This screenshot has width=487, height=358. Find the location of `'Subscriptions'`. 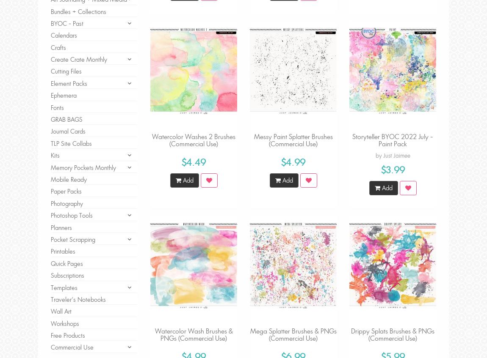

'Subscriptions' is located at coordinates (50, 275).